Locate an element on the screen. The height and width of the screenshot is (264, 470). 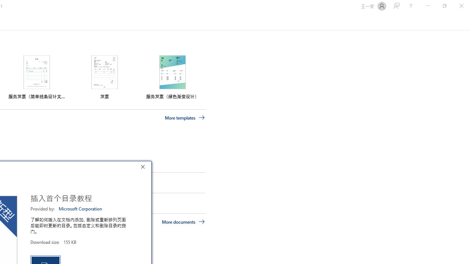
'Minimize' is located at coordinates (427, 6).